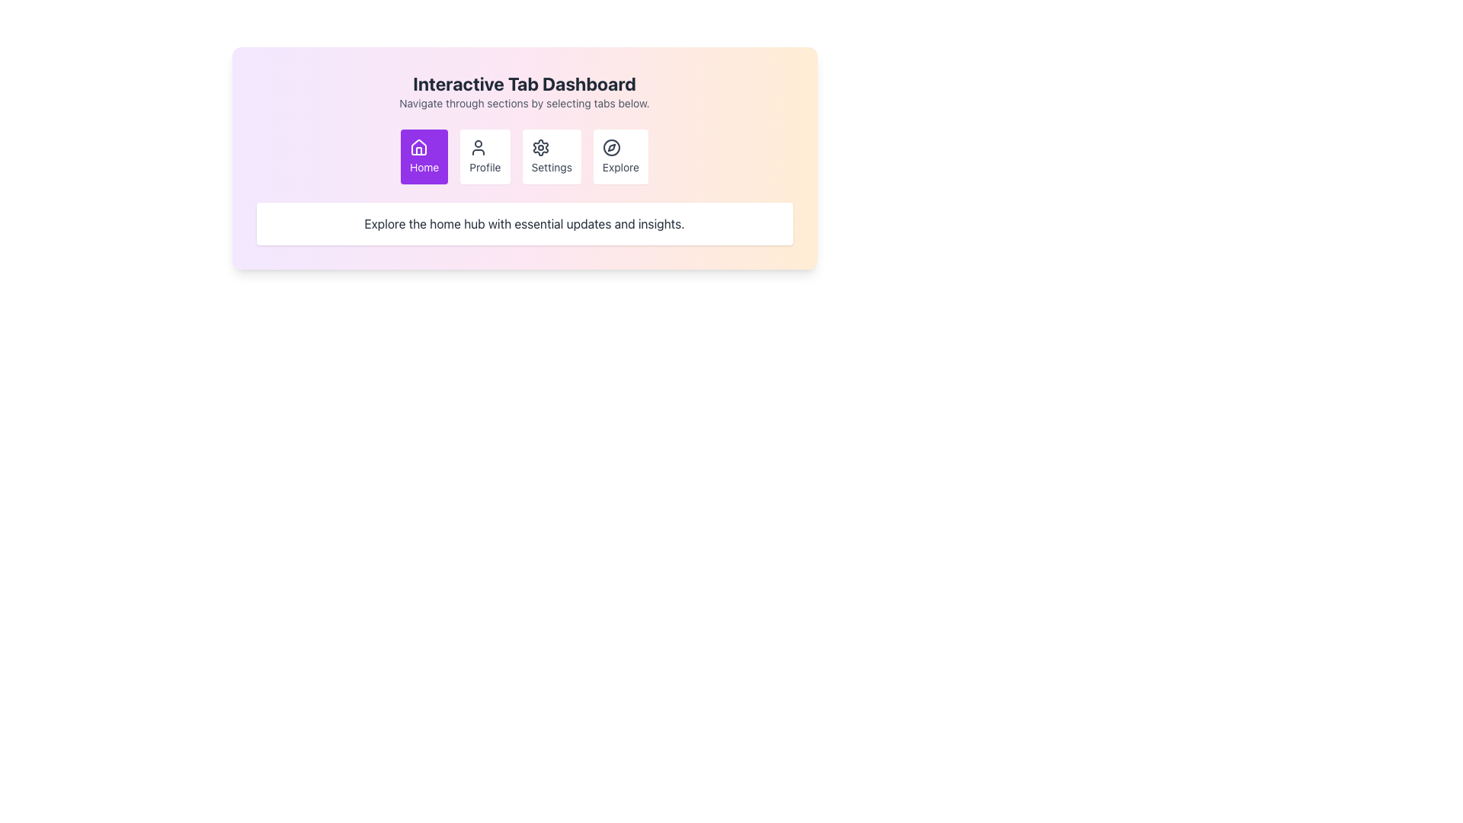  What do you see at coordinates (478, 147) in the screenshot?
I see `the profile icon, which is a minimal line-art silhouette of a person, located within the 'Profile' button in the Interactive Tab Dashboard` at bounding box center [478, 147].